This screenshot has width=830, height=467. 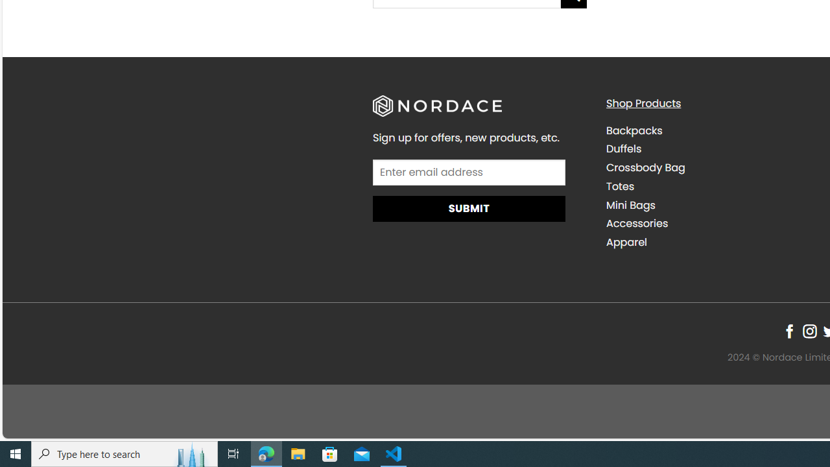 I want to click on 'Submit', so click(x=468, y=208).